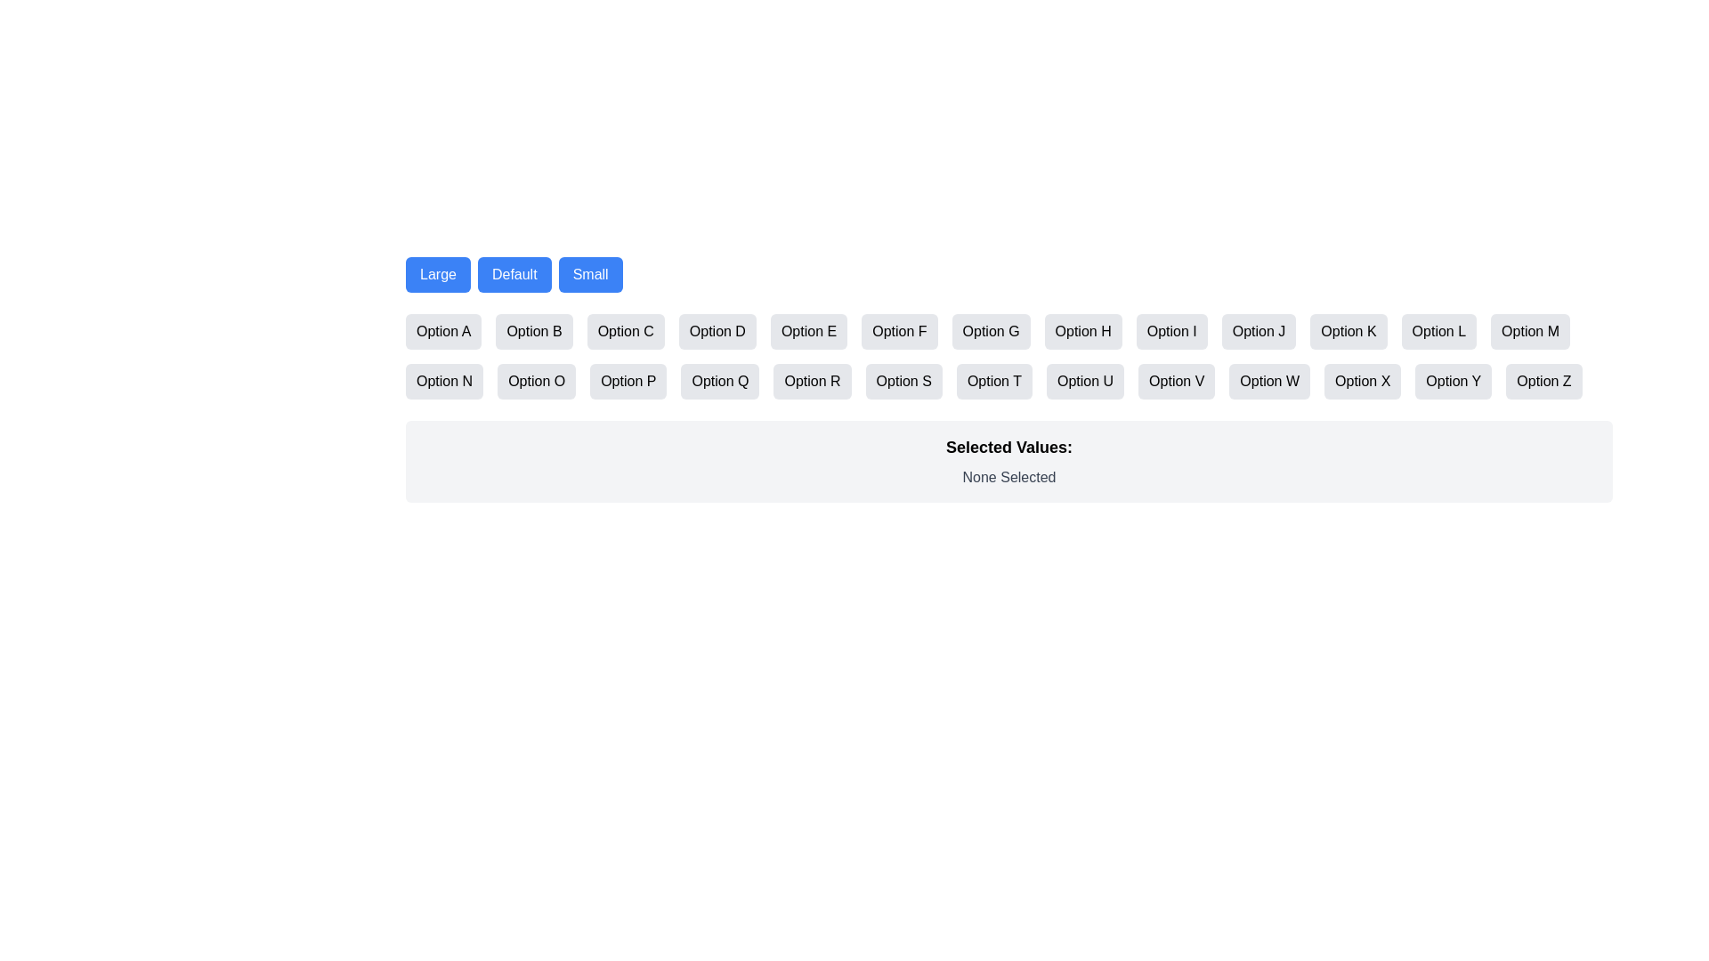 This screenshot has height=961, width=1709. I want to click on the button labeled 'Option U', which is a rectangular button with rounded corners and a gray background located in the second row, sixth position from the left in a grid of options, so click(1084, 380).